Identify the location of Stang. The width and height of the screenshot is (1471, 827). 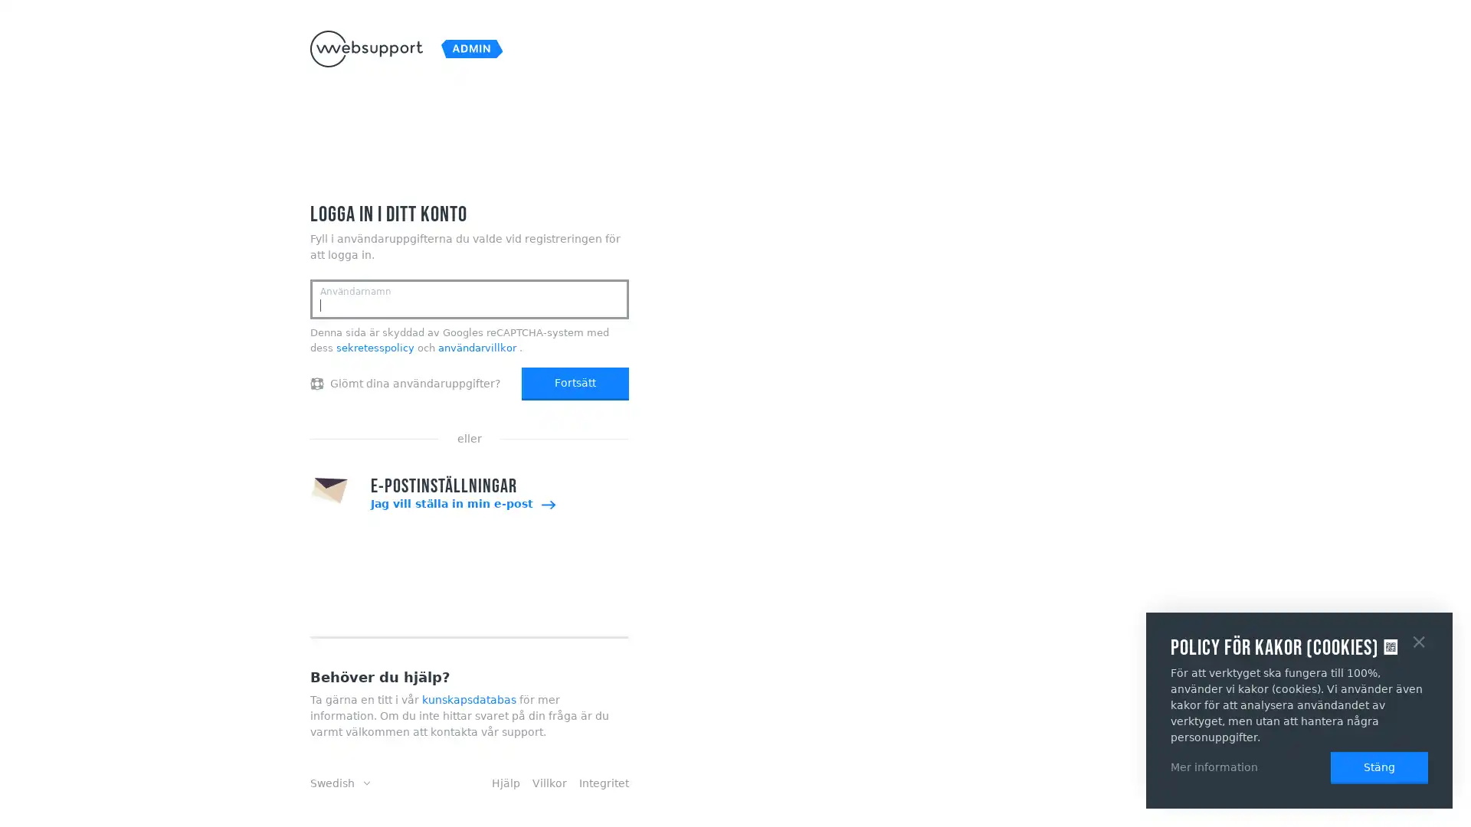
(1418, 640).